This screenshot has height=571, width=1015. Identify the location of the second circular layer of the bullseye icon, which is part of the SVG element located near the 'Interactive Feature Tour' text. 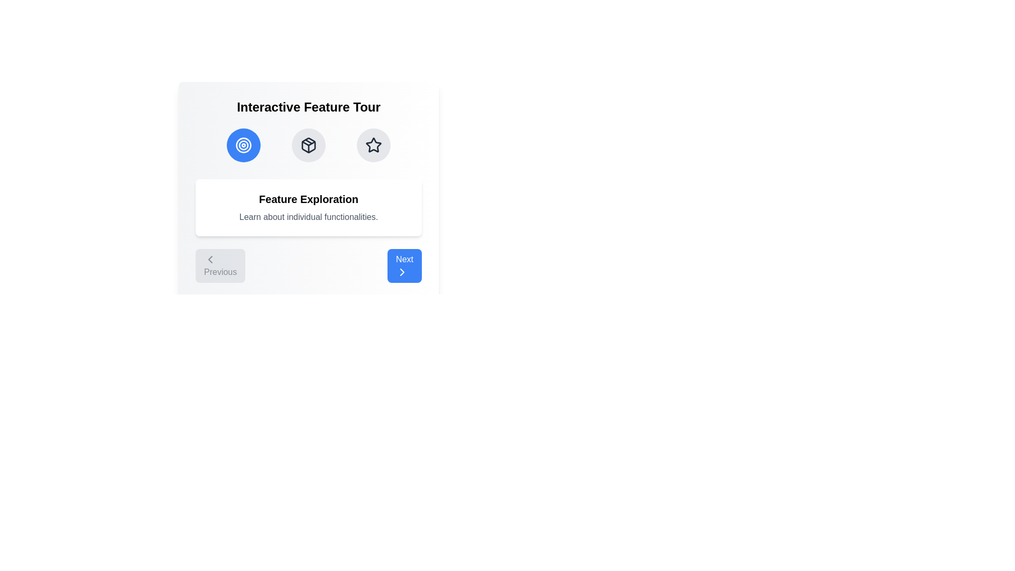
(243, 145).